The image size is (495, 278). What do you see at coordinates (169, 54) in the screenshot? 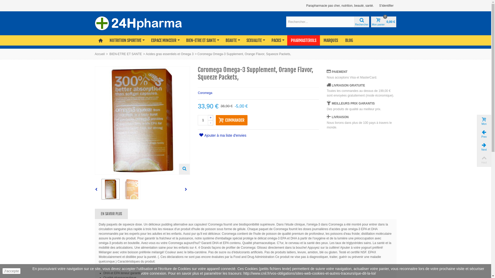
I see `'Acides gras essentiels et Omega 3'` at bounding box center [169, 54].